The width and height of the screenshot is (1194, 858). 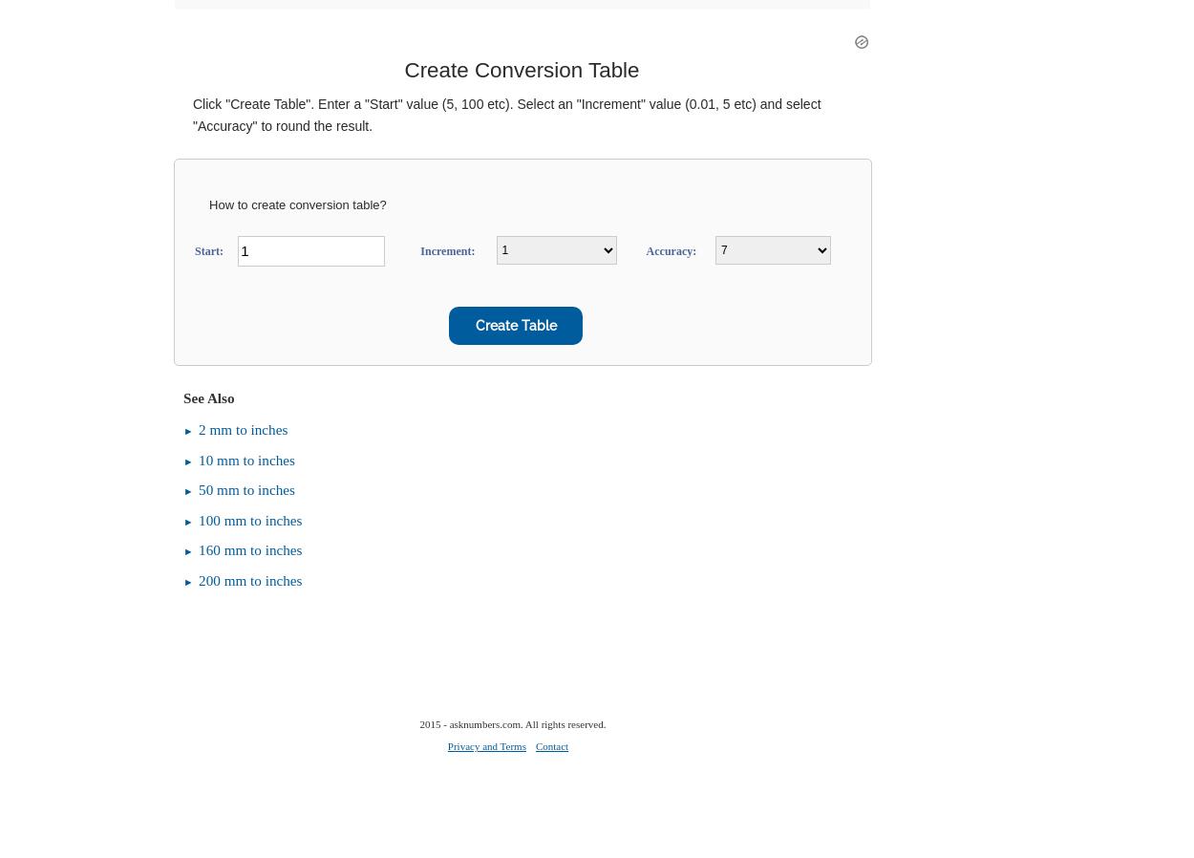 What do you see at coordinates (250, 578) in the screenshot?
I see `'200 mm to inches'` at bounding box center [250, 578].